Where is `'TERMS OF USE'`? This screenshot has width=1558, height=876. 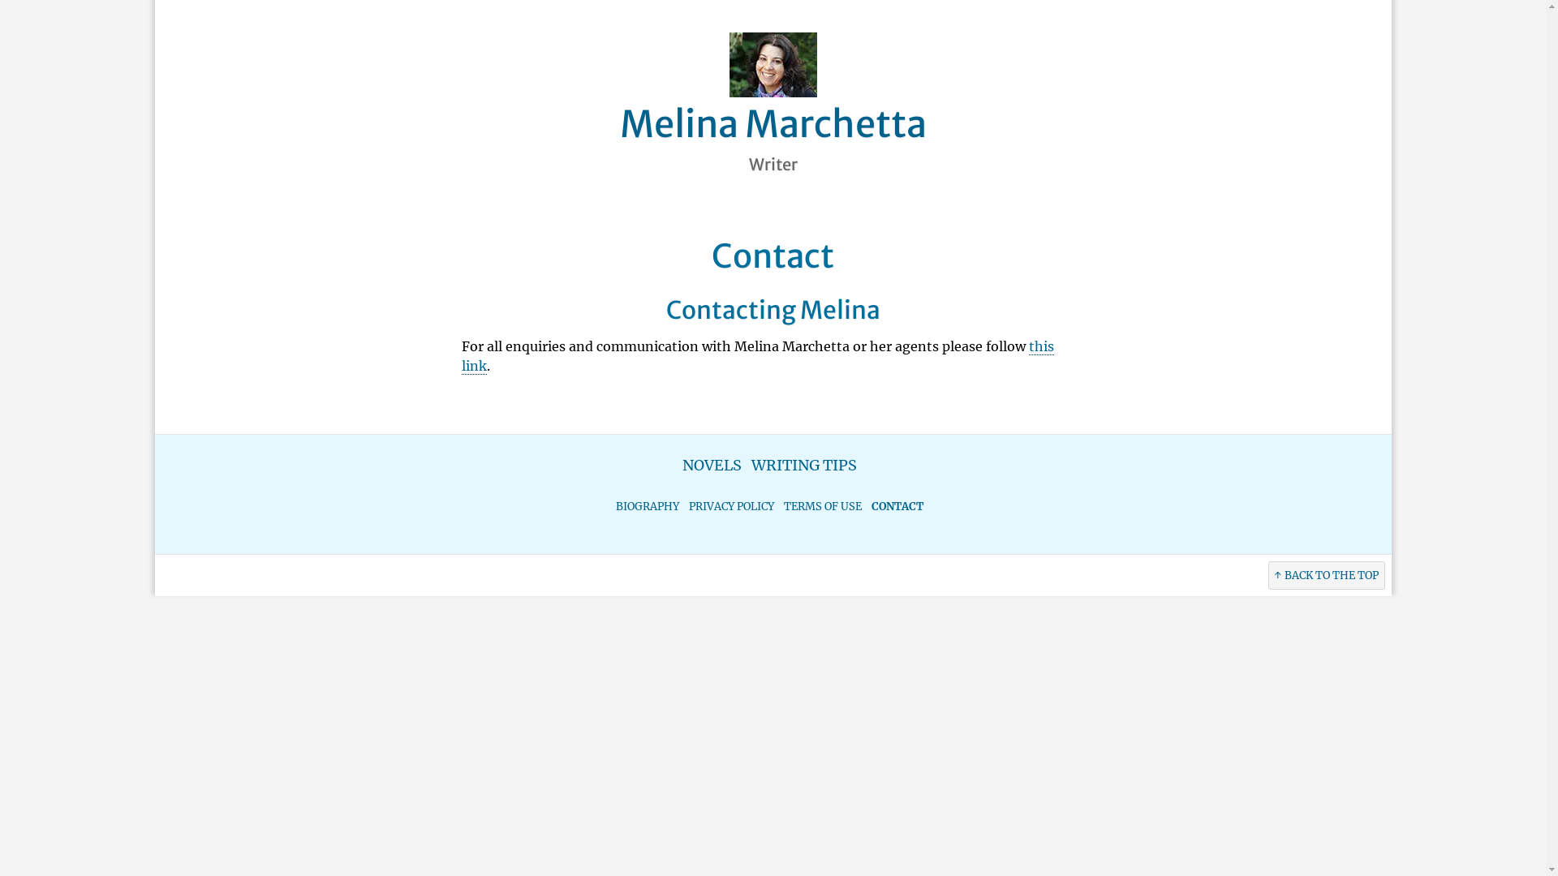 'TERMS OF USE' is located at coordinates (822, 505).